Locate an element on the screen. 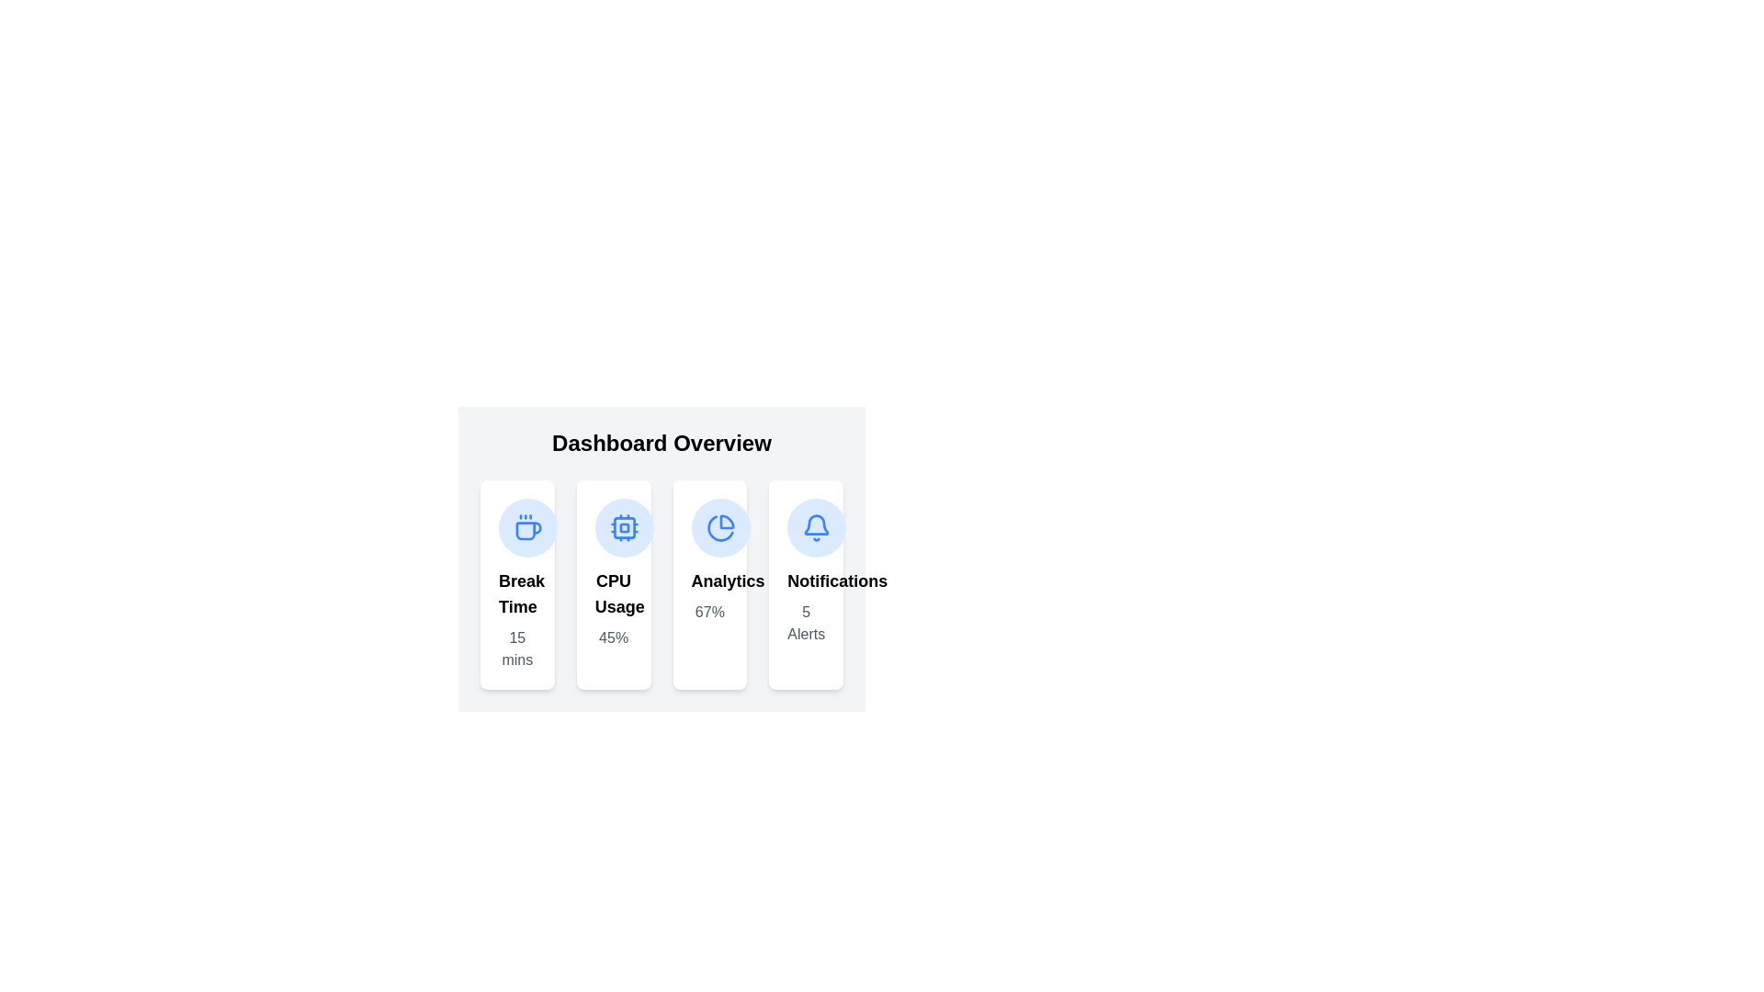 This screenshot has width=1764, height=992. the Information card that displays a blue bell icon at the top with the title 'Notifications' and shows '5 Alerts' below it is located at coordinates (806, 584).